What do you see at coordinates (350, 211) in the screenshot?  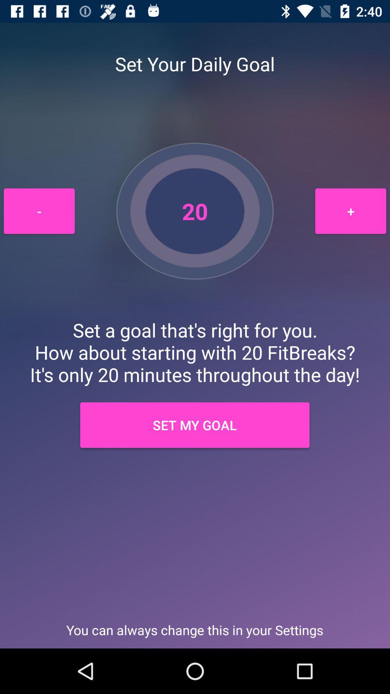 I see `the + icon` at bounding box center [350, 211].